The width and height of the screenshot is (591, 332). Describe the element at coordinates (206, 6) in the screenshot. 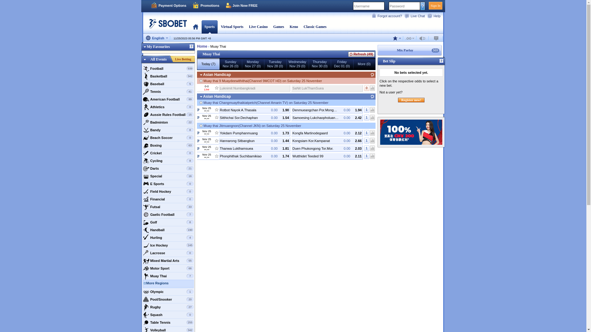

I see `'Promotions'` at that location.